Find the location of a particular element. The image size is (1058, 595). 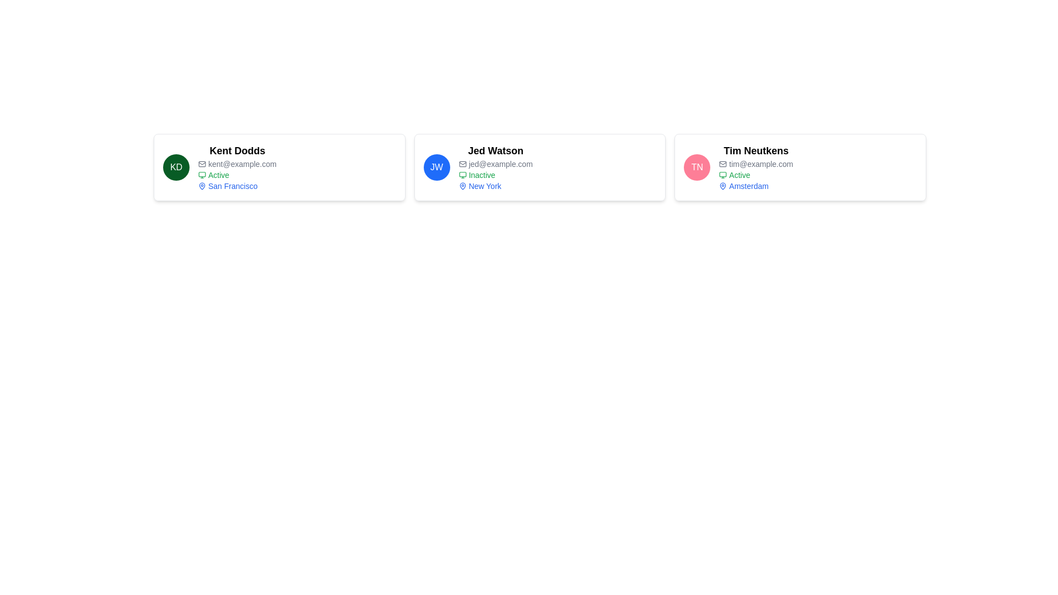

the small mail icon located to the left of the email text 'jed@example.com' in the contact card of 'Jed Watson' is located at coordinates (462, 164).